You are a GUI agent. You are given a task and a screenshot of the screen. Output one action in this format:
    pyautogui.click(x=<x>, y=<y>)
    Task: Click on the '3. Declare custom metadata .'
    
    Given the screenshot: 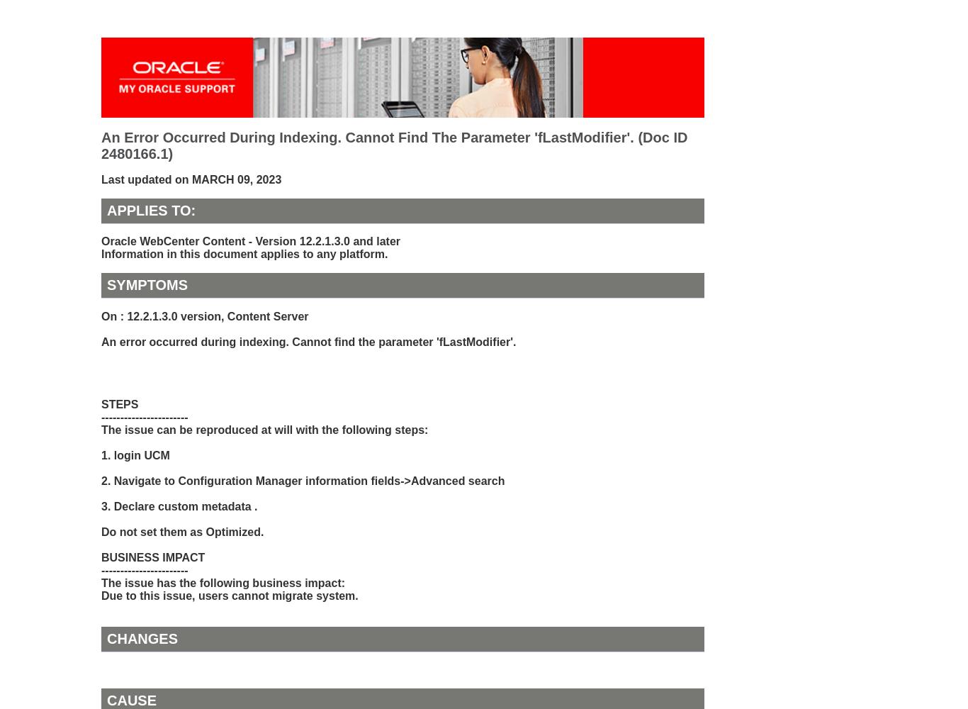 What is the action you would take?
    pyautogui.click(x=101, y=505)
    